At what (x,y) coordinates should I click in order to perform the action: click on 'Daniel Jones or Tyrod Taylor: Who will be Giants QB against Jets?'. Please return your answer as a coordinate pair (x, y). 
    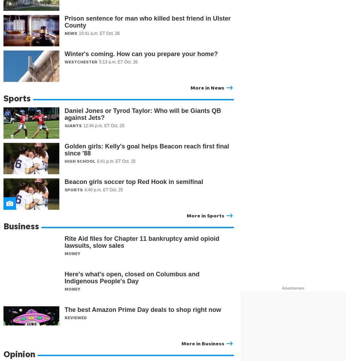
    Looking at the image, I should click on (143, 114).